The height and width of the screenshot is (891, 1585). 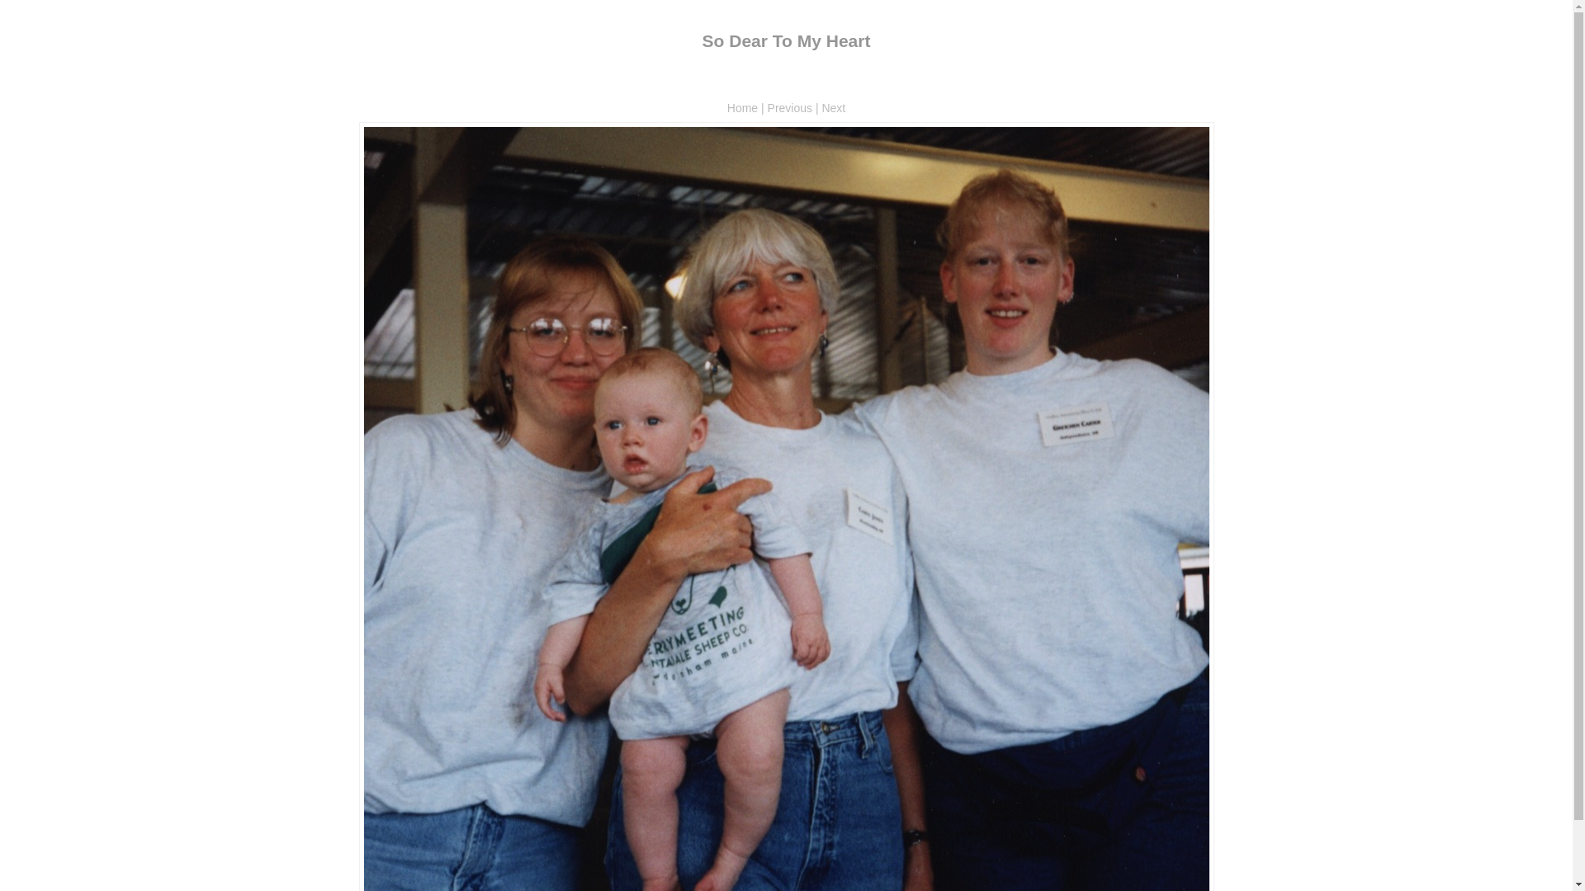 What do you see at coordinates (788, 108) in the screenshot?
I see `'Previous'` at bounding box center [788, 108].